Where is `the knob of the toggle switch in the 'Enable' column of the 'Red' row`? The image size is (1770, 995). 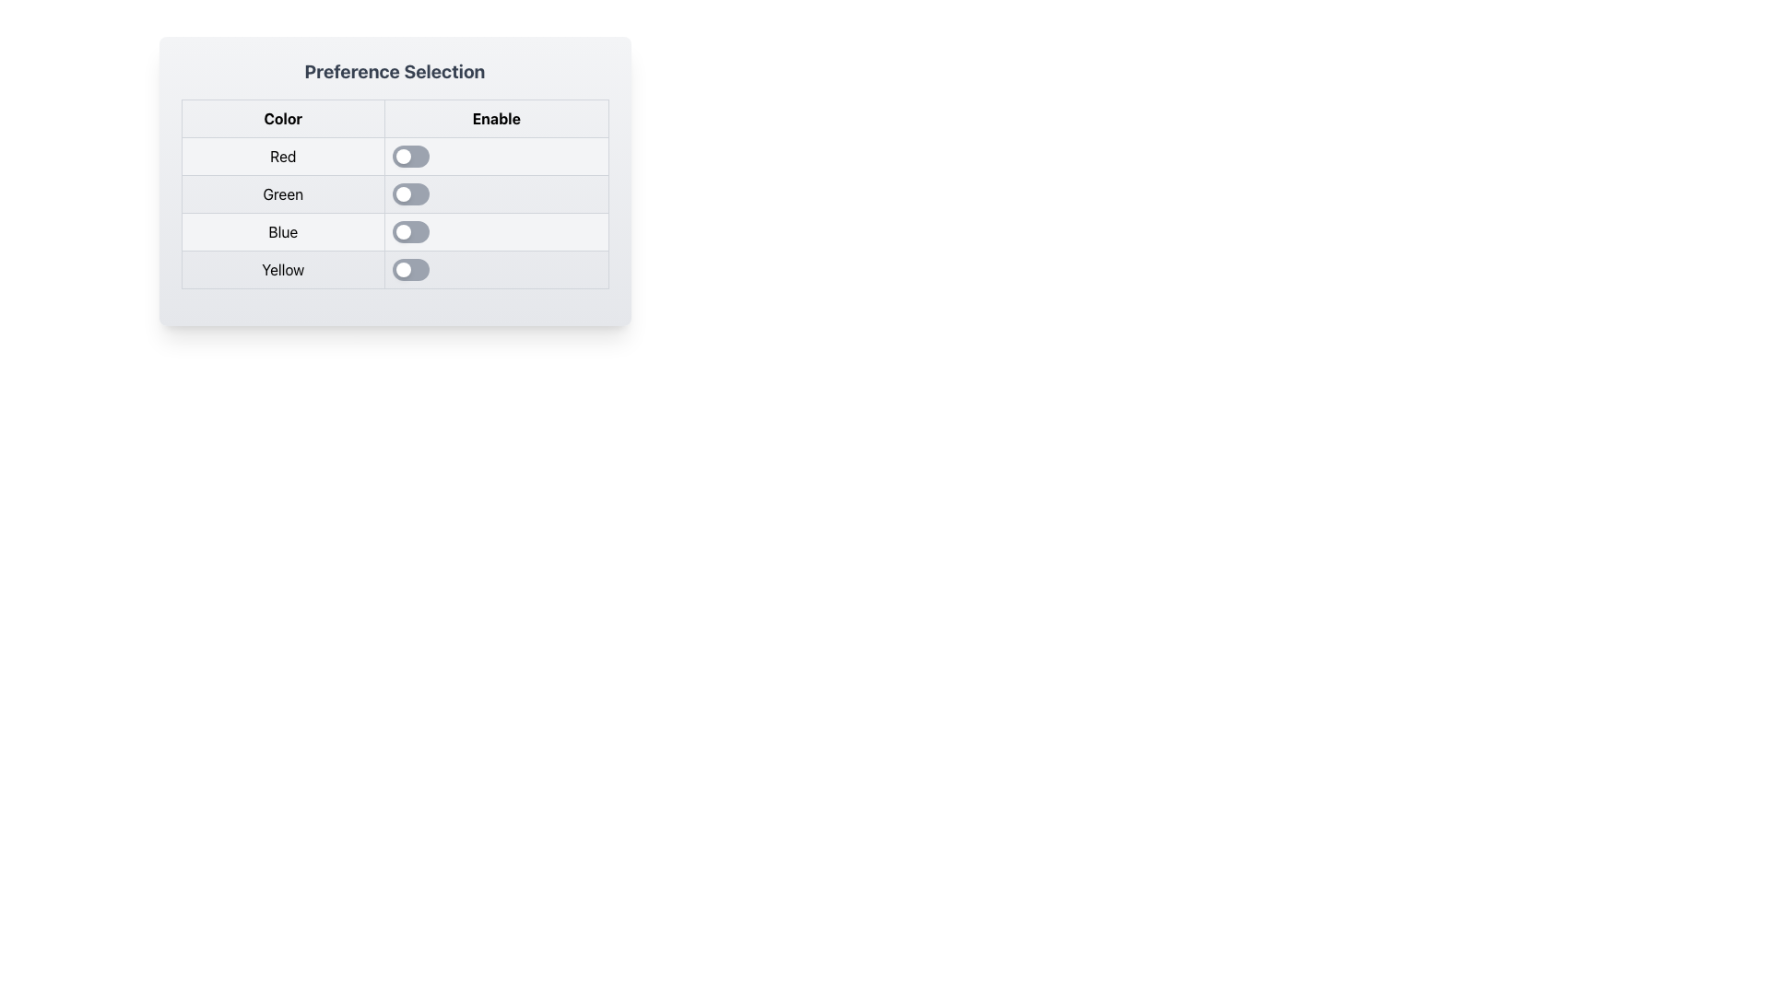
the knob of the toggle switch in the 'Enable' column of the 'Red' row is located at coordinates (410, 155).